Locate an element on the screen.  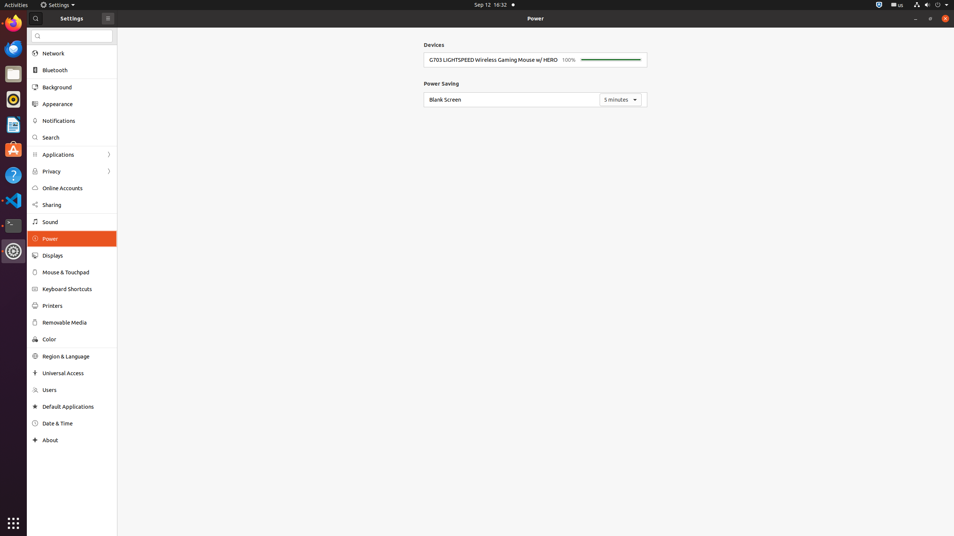
'Appearance' is located at coordinates (77, 104).